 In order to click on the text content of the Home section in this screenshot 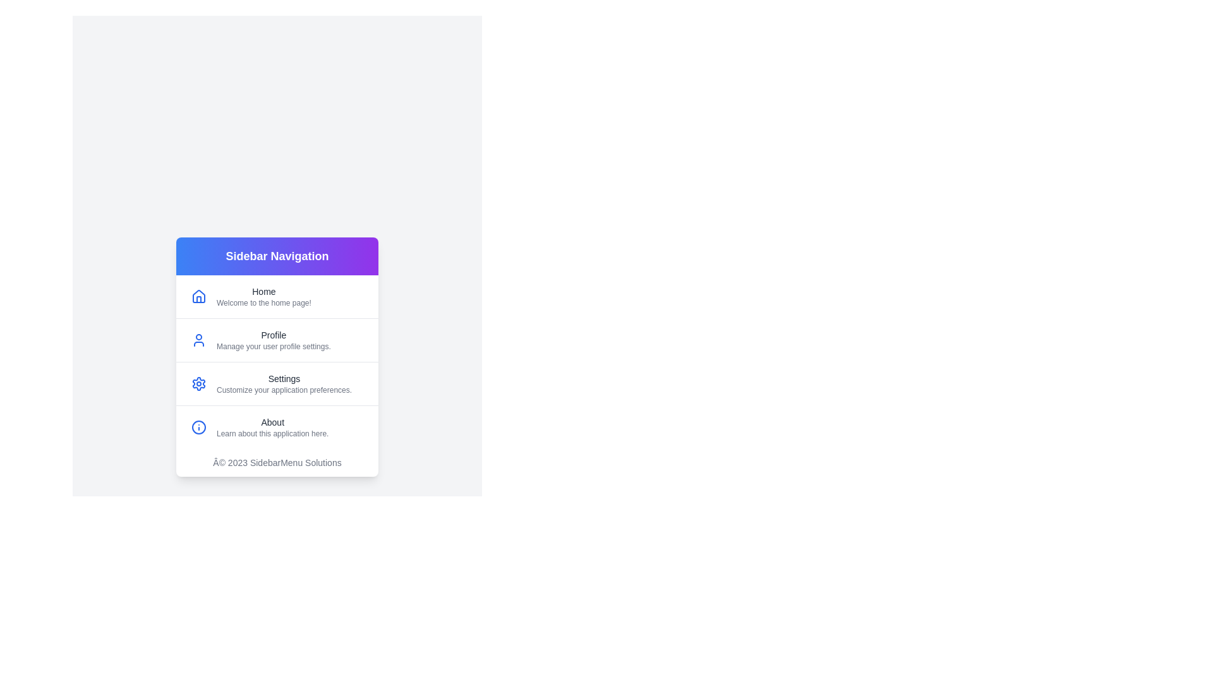, I will do `click(216, 291)`.